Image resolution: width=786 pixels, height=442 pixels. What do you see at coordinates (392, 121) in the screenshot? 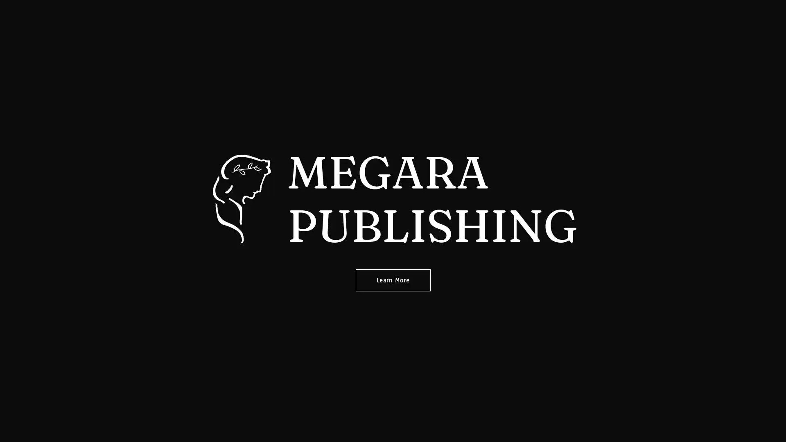
I see `Join Us` at bounding box center [392, 121].